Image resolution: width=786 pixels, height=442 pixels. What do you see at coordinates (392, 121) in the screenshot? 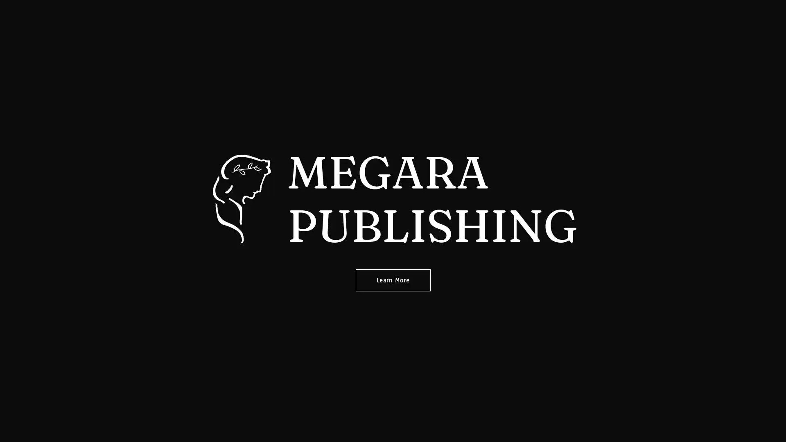
I see `Join Us` at bounding box center [392, 121].